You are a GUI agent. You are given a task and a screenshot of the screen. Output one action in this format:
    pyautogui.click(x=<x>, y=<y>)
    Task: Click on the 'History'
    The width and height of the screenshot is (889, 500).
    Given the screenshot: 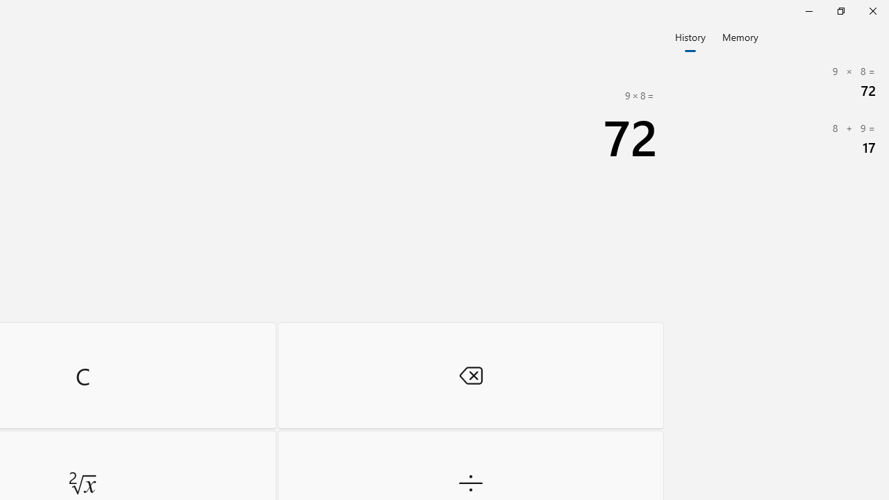 What is the action you would take?
    pyautogui.click(x=690, y=35)
    